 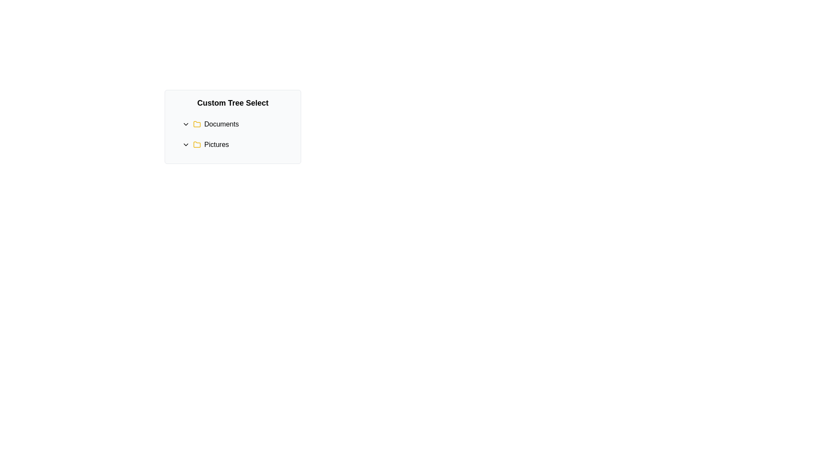 I want to click on the small yellow folder icon outlined in bold, located next to the 'Pictures' text, so click(x=196, y=144).